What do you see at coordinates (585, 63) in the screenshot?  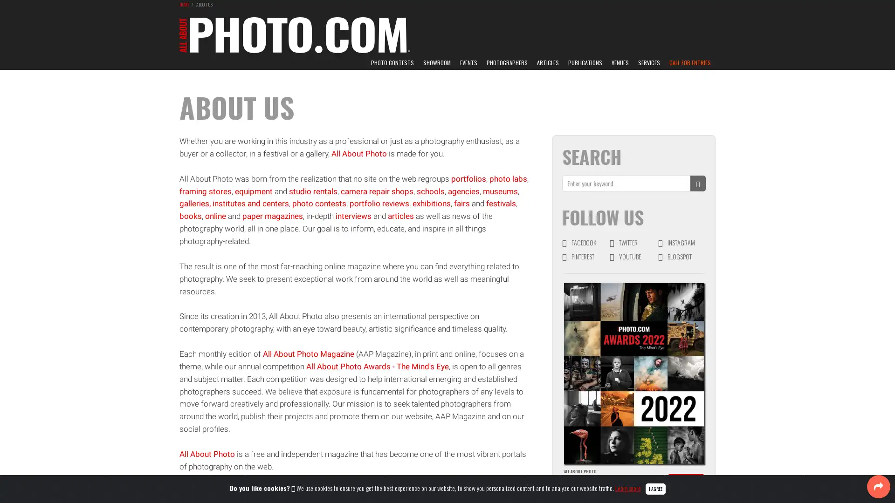 I see `PUBLICATIONS` at bounding box center [585, 63].